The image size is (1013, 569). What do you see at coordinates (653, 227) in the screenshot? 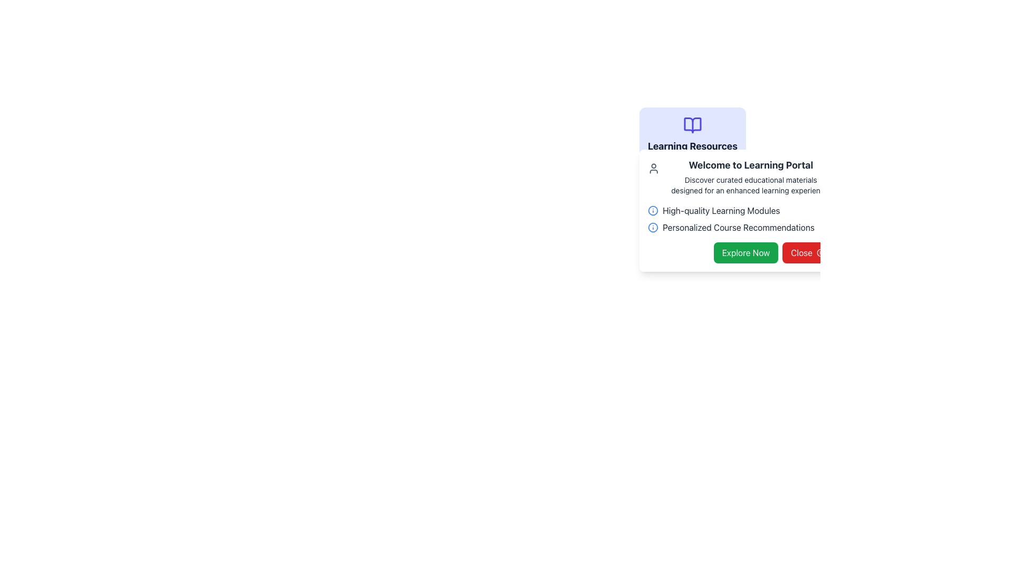
I see `the circular SVG element at the center of the info icon, which has no visible fill or stroke and blends into the background` at bounding box center [653, 227].